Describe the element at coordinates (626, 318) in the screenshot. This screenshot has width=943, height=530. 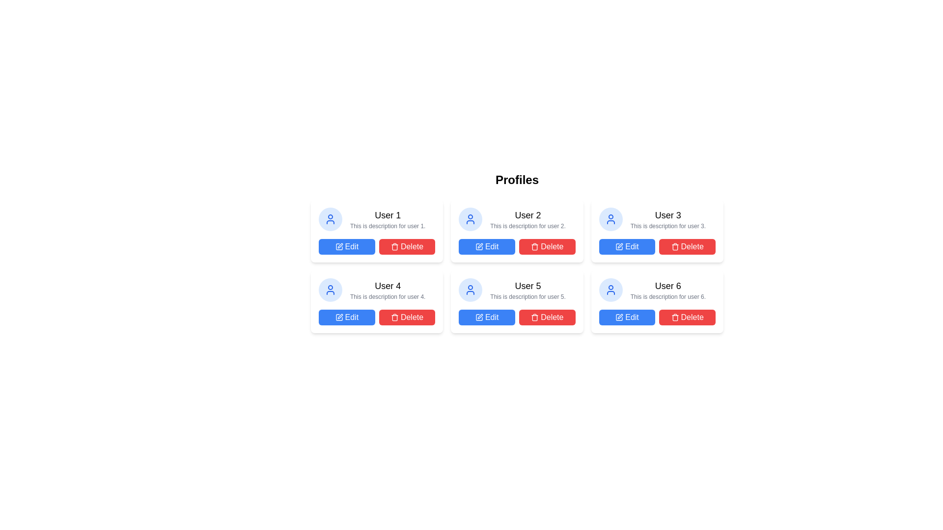
I see `the rectangular blue button with rounded corners and white text that reads 'Edit', located in the bottom-right card under 'User 6'` at that location.